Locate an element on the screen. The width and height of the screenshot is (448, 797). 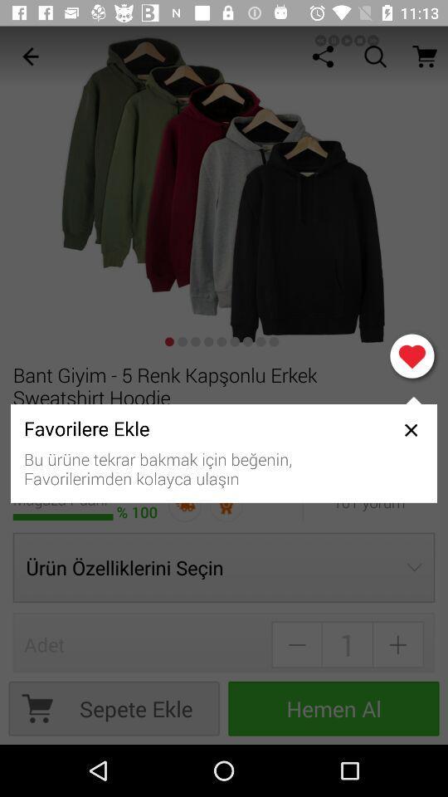
the close icon is located at coordinates (410, 429).